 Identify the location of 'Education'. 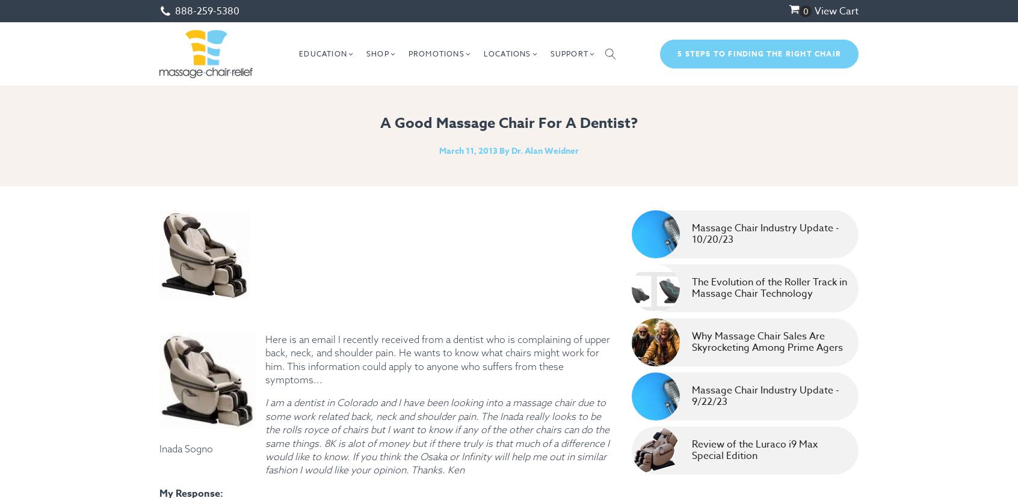
(298, 53).